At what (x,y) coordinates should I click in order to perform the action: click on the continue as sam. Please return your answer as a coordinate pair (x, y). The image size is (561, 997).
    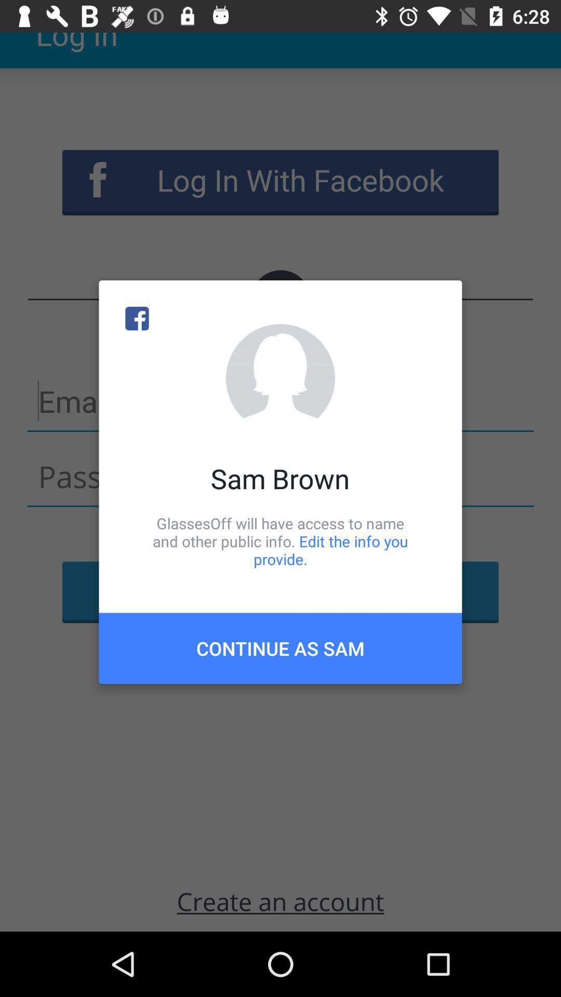
    Looking at the image, I should click on (280, 648).